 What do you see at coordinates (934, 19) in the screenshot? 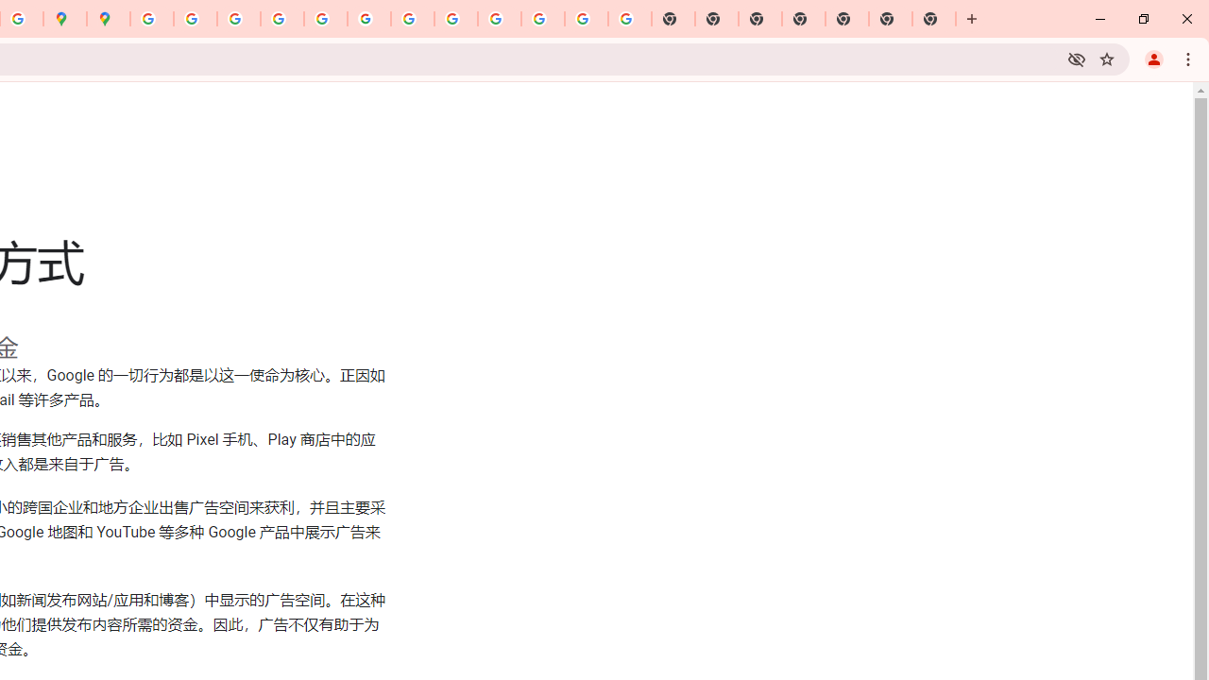
I see `'New Tab'` at bounding box center [934, 19].